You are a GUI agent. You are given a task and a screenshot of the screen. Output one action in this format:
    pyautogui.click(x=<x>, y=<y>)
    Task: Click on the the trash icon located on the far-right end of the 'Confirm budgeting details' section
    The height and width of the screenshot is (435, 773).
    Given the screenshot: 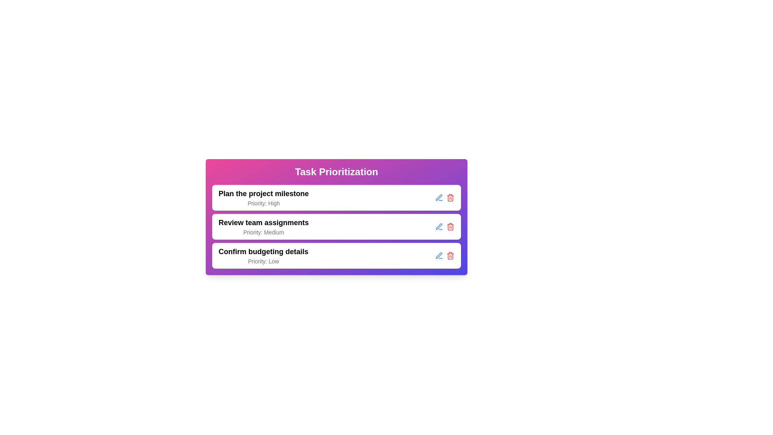 What is the action you would take?
    pyautogui.click(x=444, y=256)
    